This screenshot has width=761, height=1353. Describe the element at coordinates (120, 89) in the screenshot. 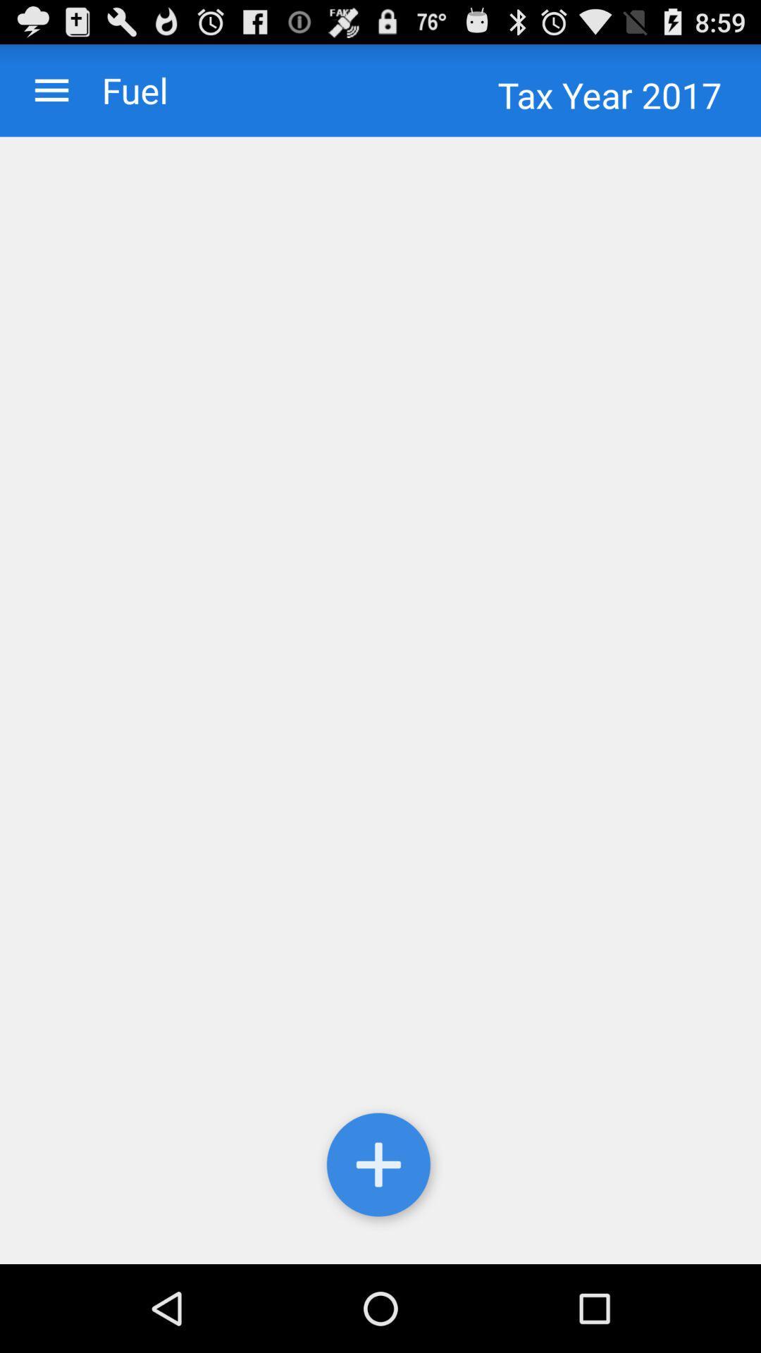

I see `fuel item` at that location.